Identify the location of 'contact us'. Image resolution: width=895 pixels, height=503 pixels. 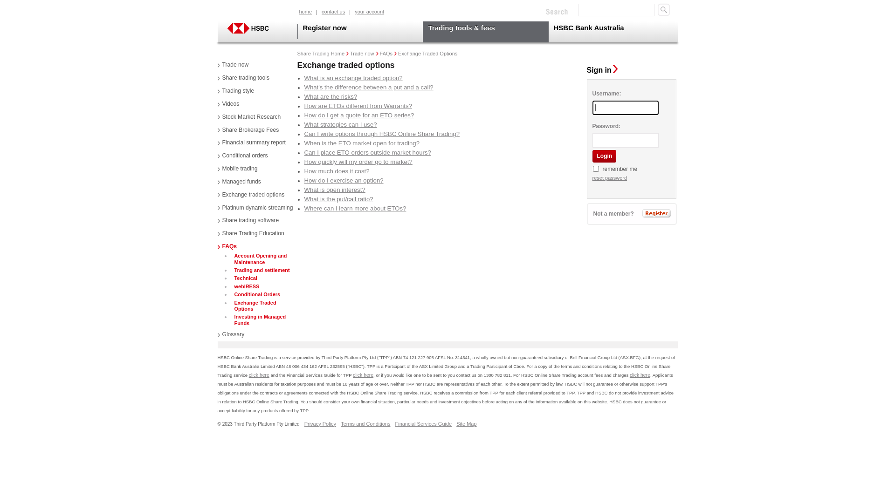
(333, 12).